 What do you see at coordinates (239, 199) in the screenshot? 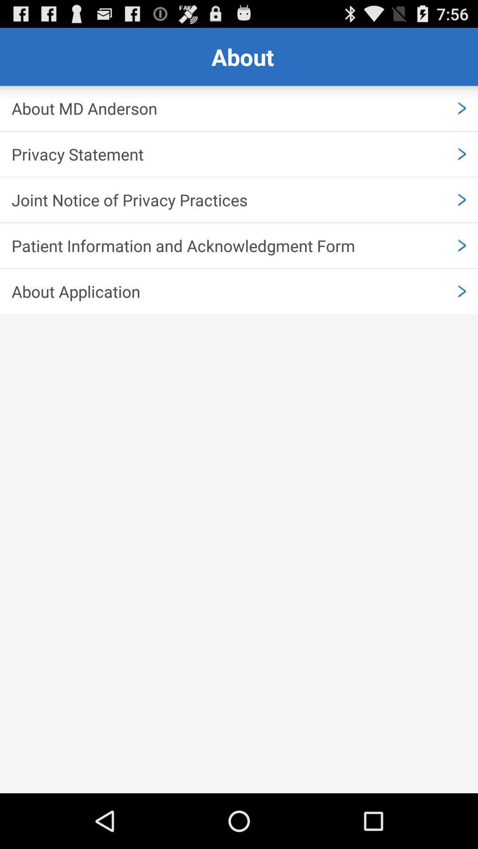
I see `item below privacy statement icon` at bounding box center [239, 199].